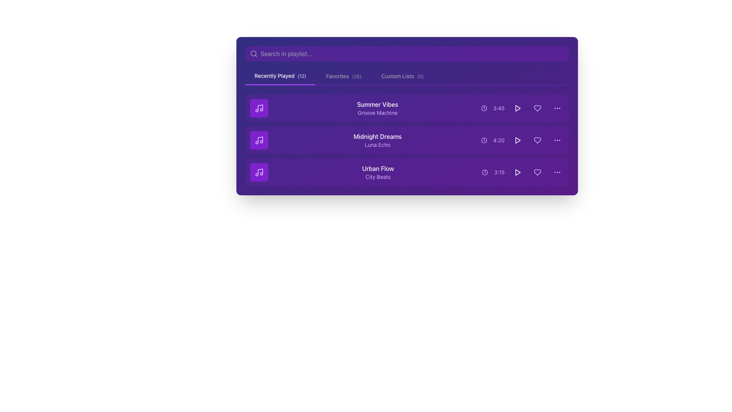 The width and height of the screenshot is (732, 412). What do you see at coordinates (557, 140) in the screenshot?
I see `the ellipsis menu icon, which is represented by three horizontally arranged purple circles, located at the far right of the 'Midnight Dreams' playlist entry` at bounding box center [557, 140].